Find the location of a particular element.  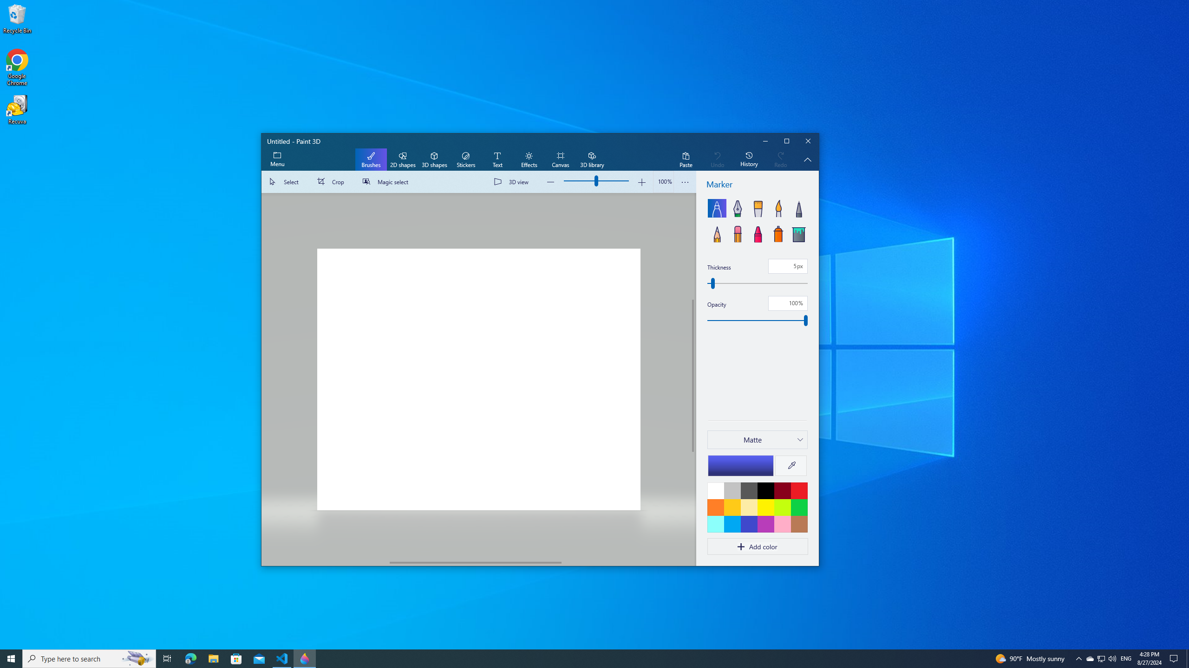

'Zoom in' is located at coordinates (641, 181).